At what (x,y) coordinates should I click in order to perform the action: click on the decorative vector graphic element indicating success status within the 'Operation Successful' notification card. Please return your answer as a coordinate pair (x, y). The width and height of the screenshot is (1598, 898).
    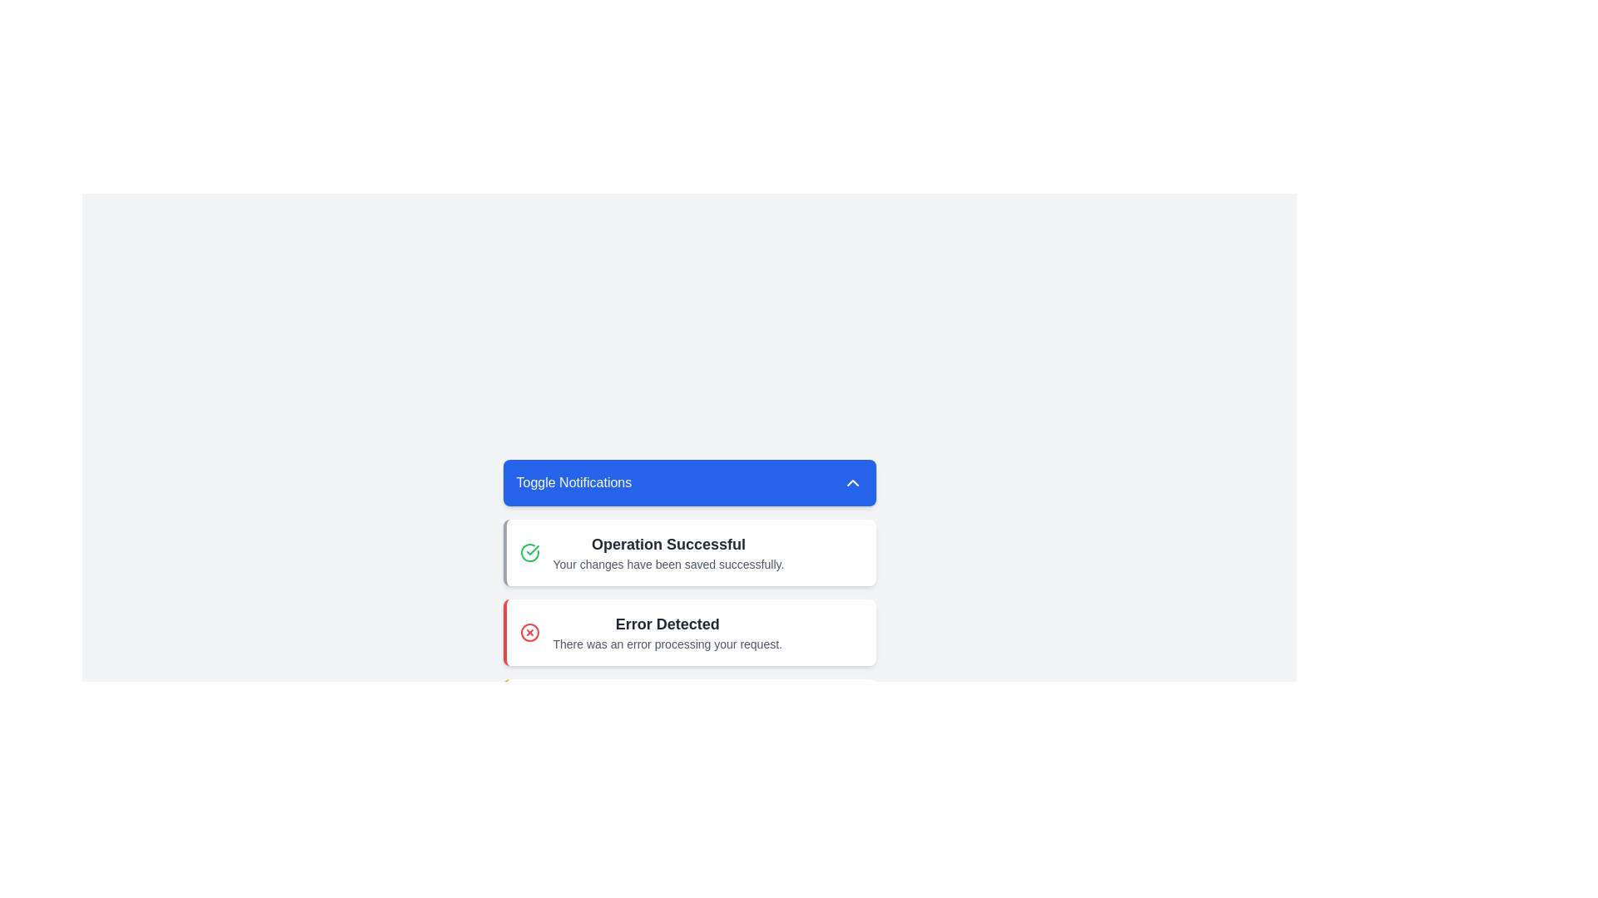
    Looking at the image, I should click on (529, 552).